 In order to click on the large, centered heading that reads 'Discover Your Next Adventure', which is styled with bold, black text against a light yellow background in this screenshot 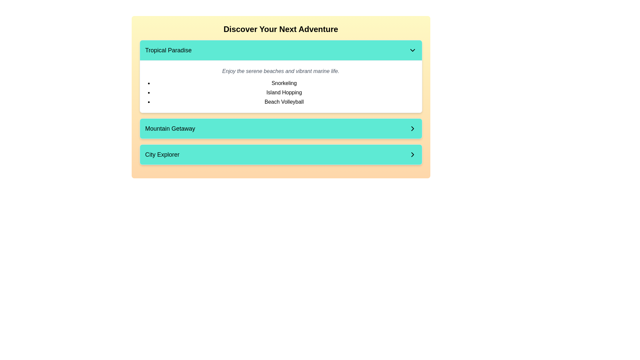, I will do `click(281, 29)`.